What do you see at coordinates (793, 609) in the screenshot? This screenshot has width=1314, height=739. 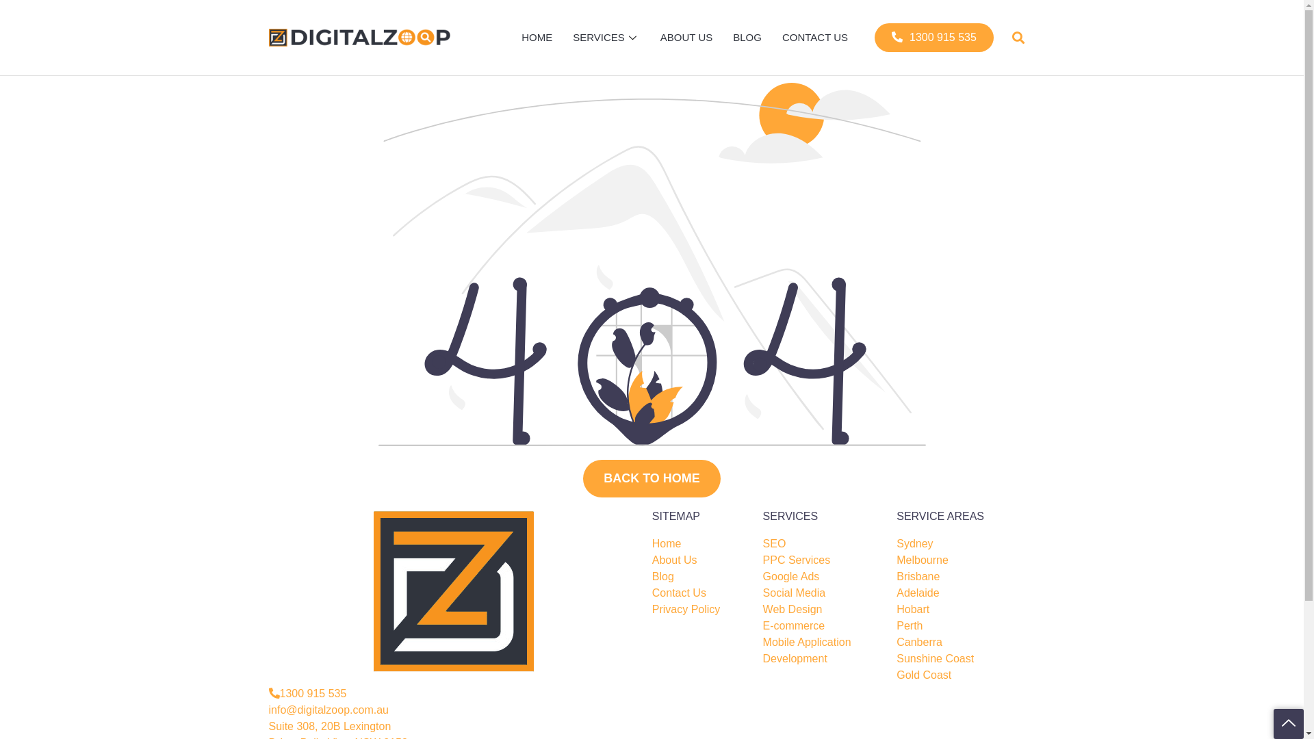 I see `'Web Design'` at bounding box center [793, 609].